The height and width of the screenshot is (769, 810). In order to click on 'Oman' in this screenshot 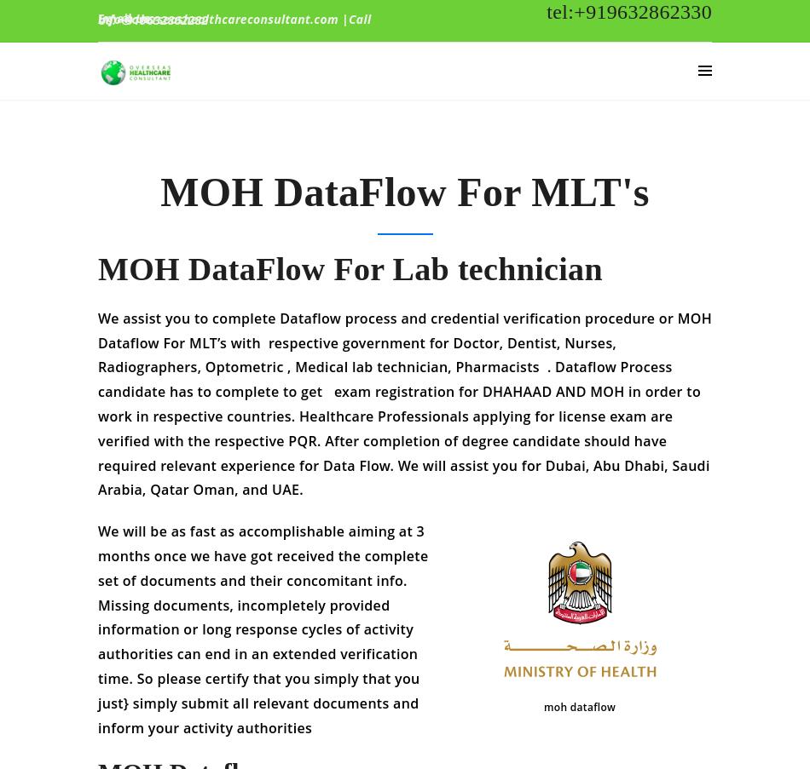, I will do `click(212, 501)`.